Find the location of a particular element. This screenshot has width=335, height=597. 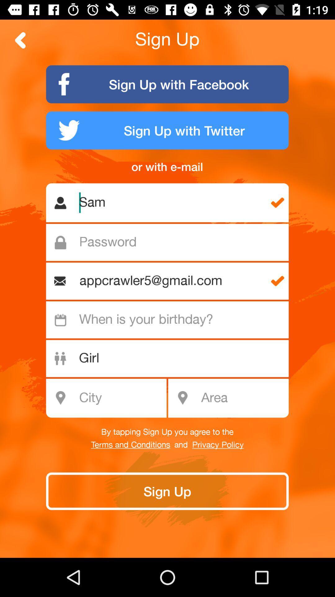

the last button of the page is located at coordinates (167, 491).